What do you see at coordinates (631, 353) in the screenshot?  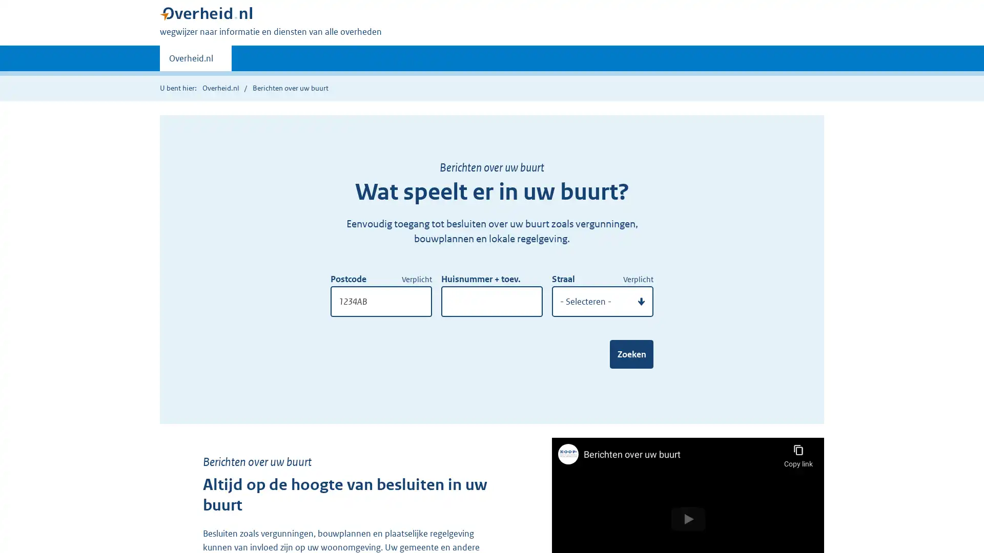 I see `Zoeken` at bounding box center [631, 353].